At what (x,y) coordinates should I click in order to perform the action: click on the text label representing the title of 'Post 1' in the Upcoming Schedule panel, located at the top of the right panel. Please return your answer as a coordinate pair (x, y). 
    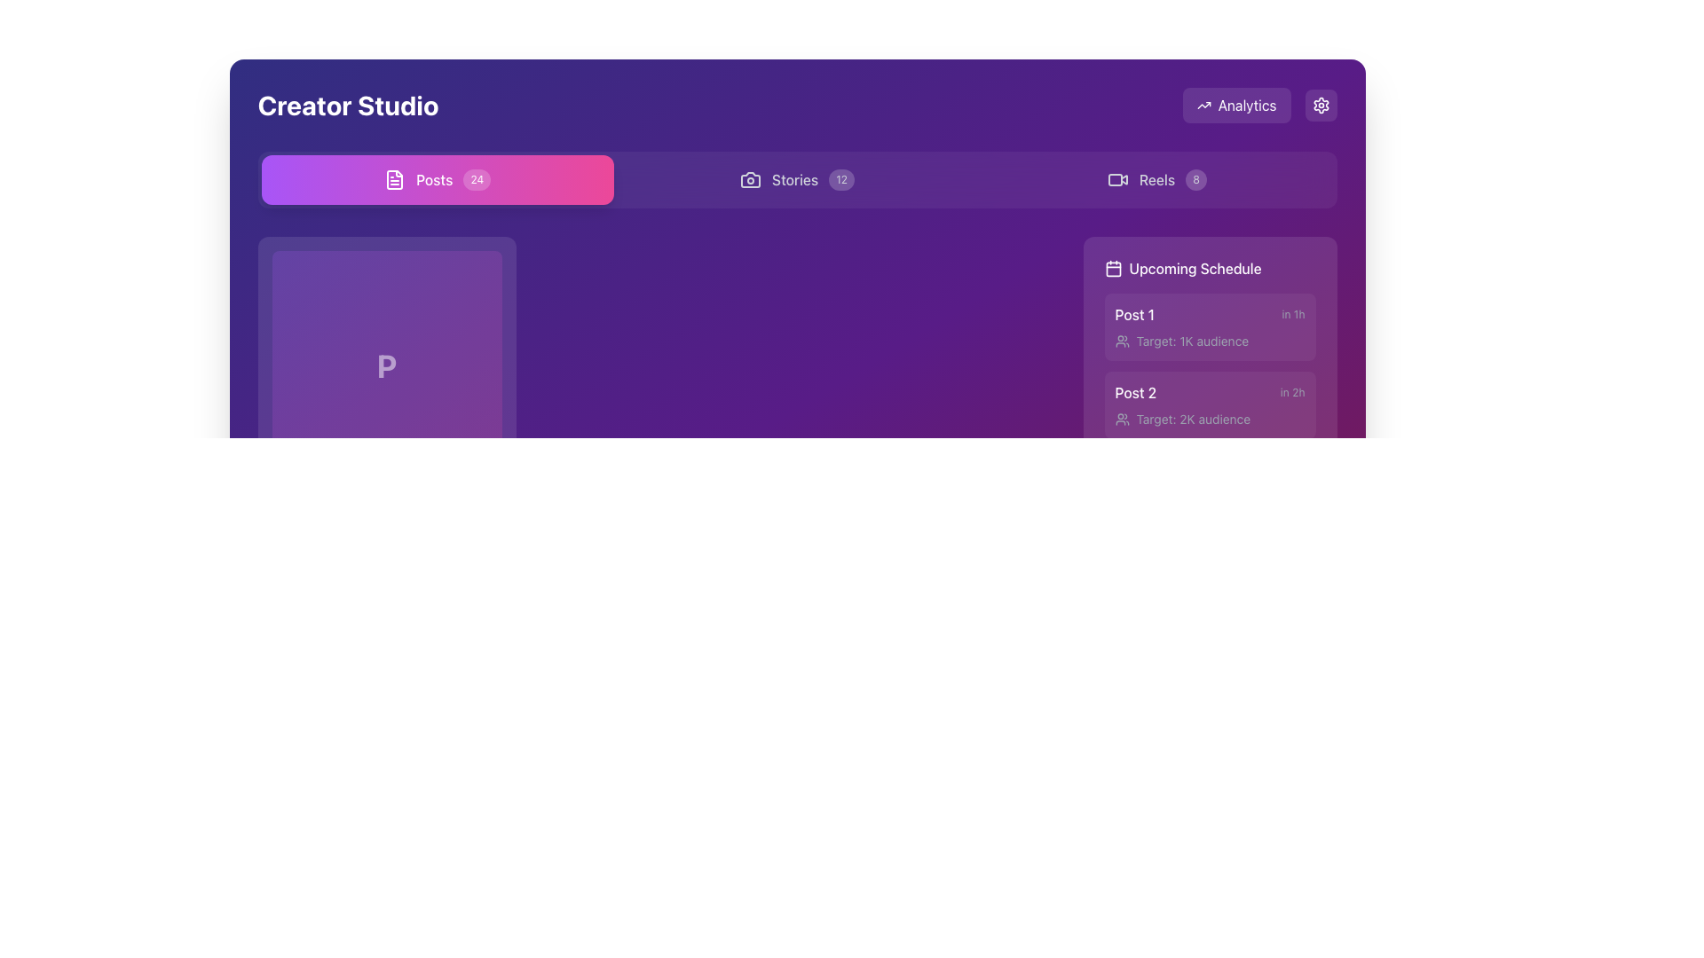
    Looking at the image, I should click on (1133, 313).